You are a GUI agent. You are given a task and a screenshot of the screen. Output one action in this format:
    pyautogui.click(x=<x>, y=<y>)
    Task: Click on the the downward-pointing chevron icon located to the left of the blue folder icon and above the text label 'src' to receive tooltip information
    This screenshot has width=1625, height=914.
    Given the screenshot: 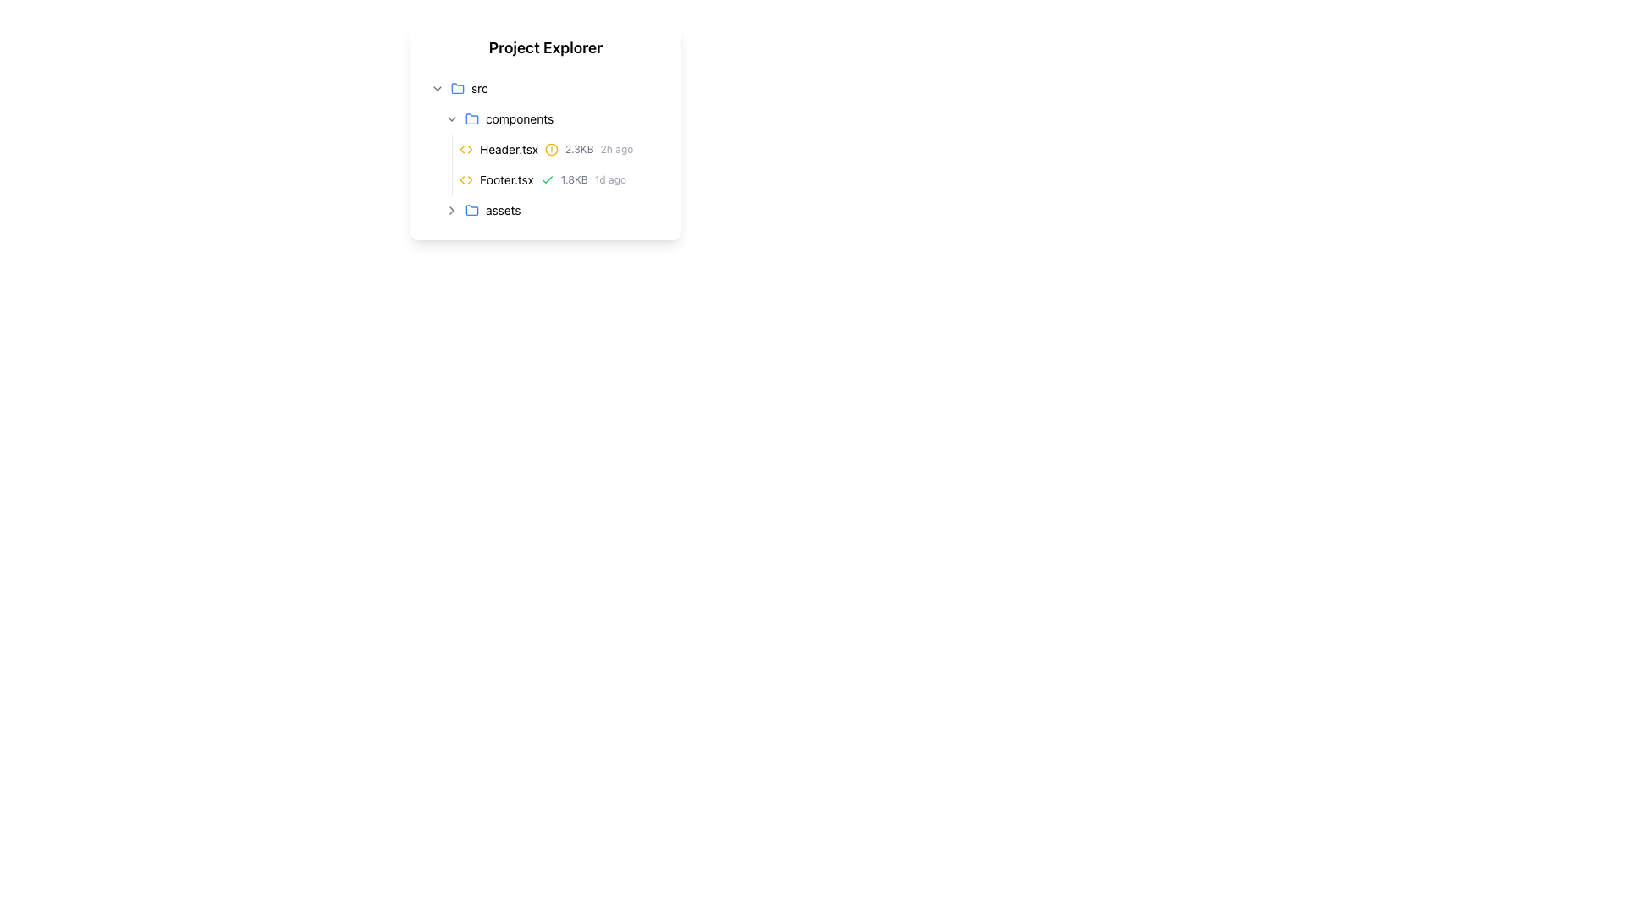 What is the action you would take?
    pyautogui.click(x=438, y=88)
    